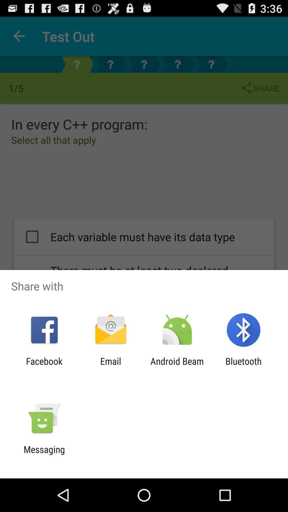  Describe the element at coordinates (177, 366) in the screenshot. I see `icon to the right of the email app` at that location.